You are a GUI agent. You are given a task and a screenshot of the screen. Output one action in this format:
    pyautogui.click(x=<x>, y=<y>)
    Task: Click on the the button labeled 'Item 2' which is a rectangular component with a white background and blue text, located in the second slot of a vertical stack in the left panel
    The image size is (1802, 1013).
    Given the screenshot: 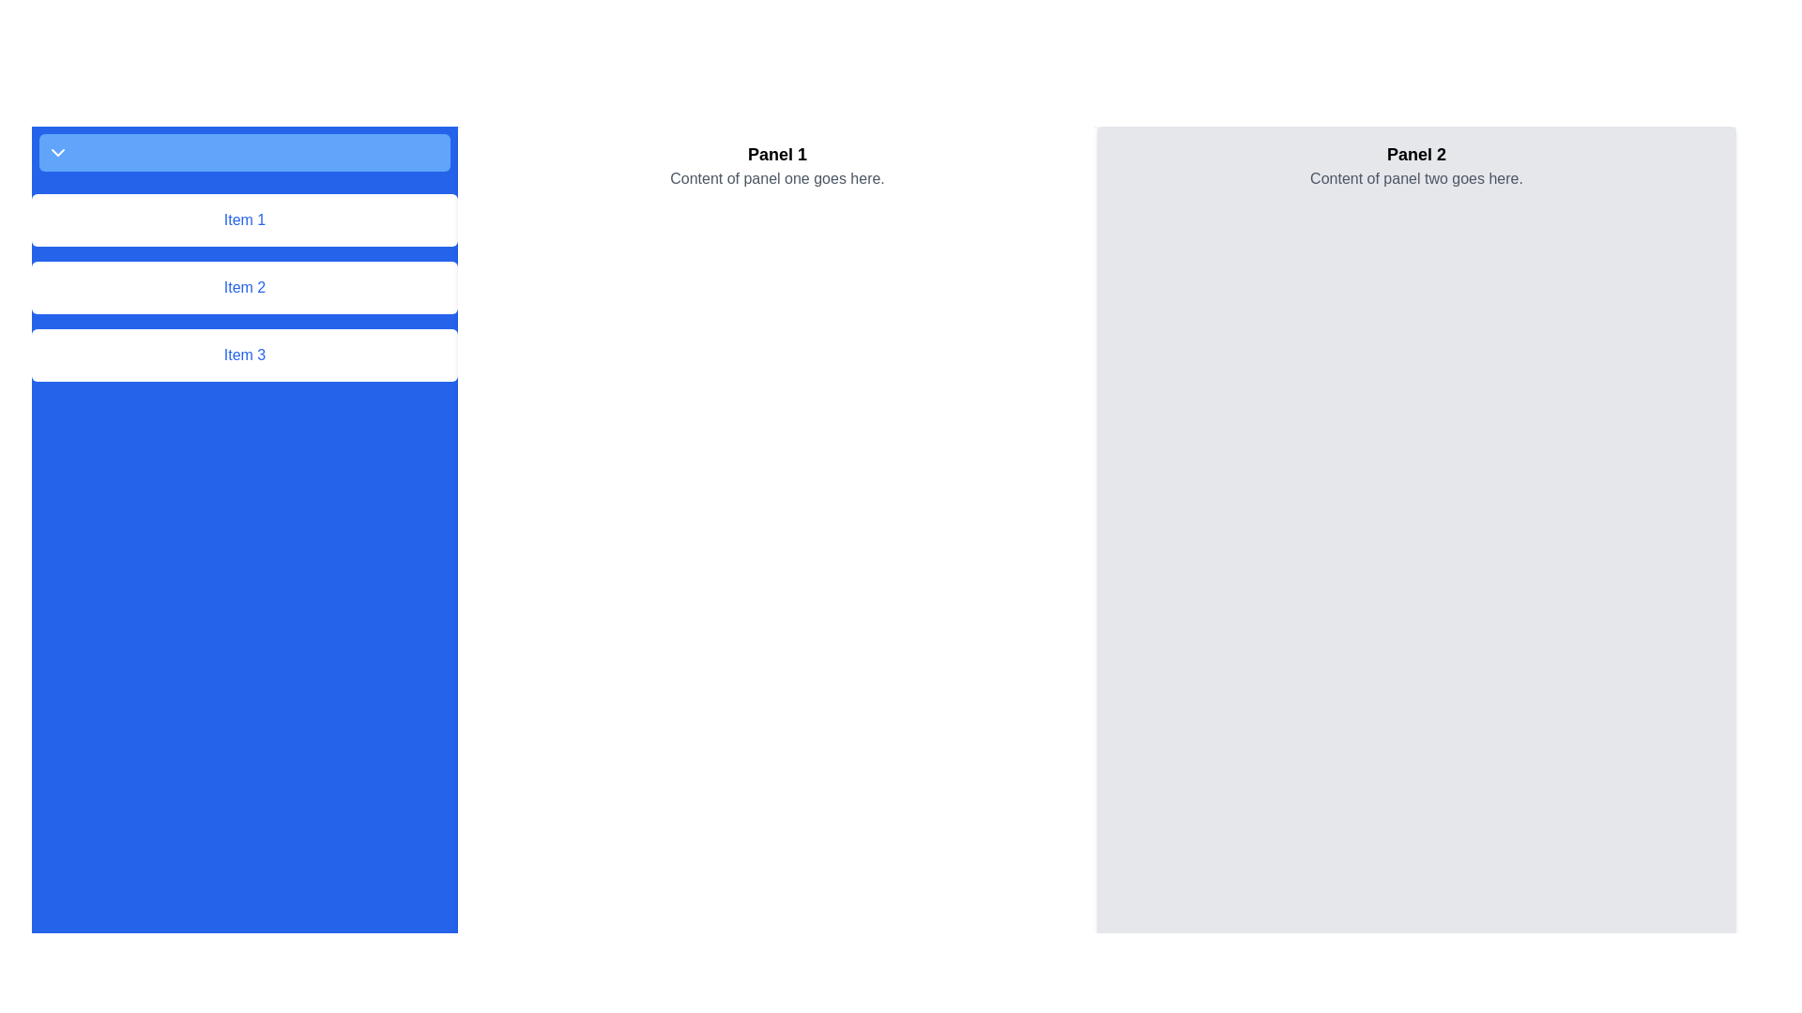 What is the action you would take?
    pyautogui.click(x=243, y=288)
    